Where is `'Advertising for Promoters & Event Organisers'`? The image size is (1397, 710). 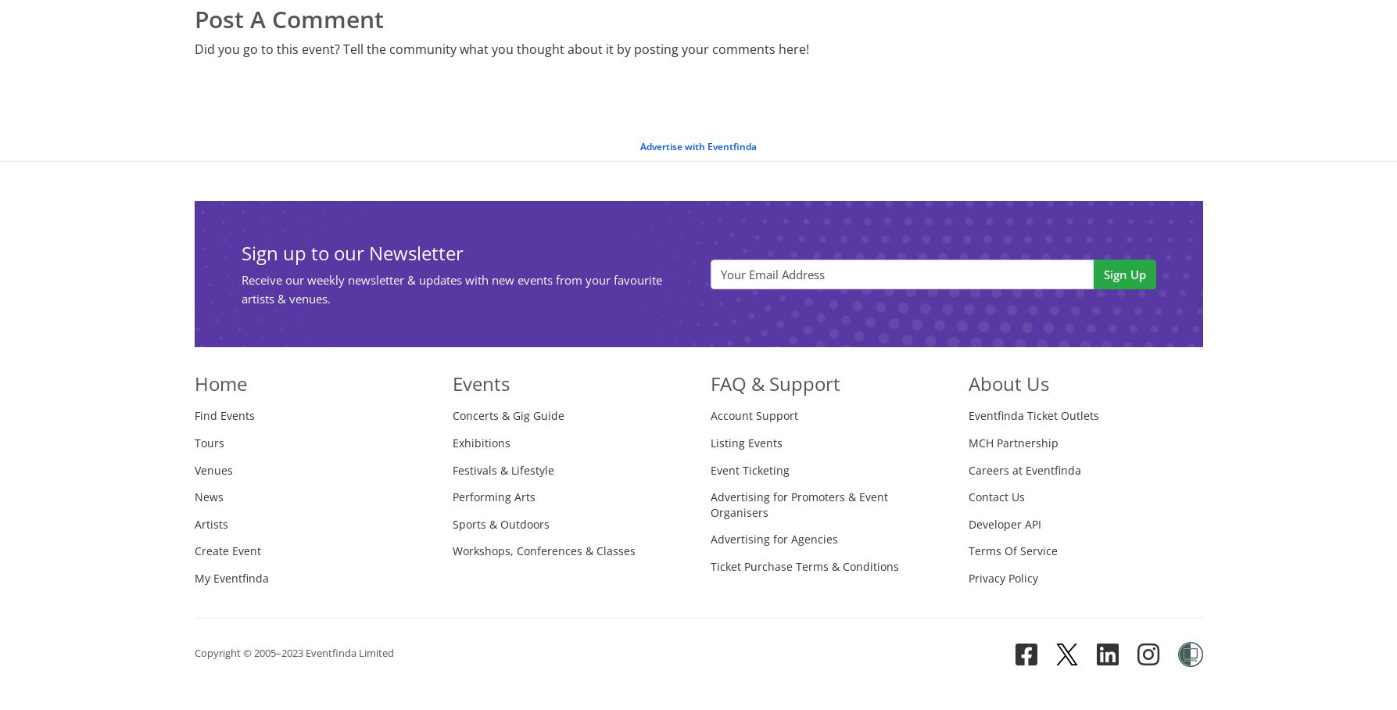
'Advertising for Promoters & Event Organisers' is located at coordinates (708, 504).